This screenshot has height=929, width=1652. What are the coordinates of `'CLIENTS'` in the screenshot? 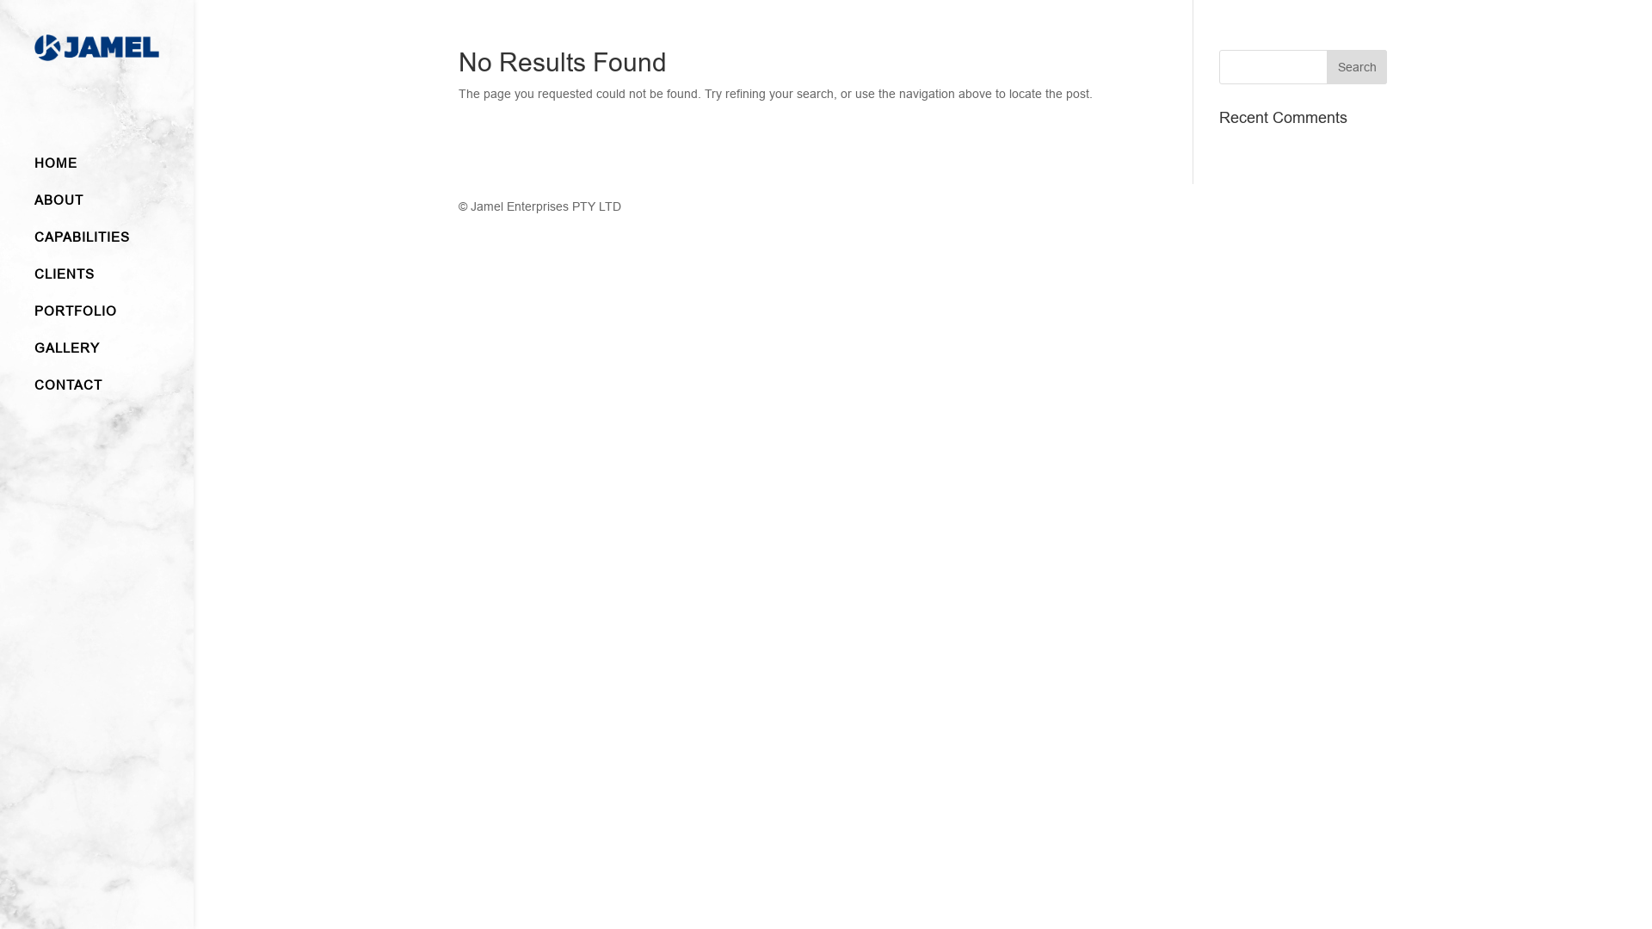 It's located at (113, 281).